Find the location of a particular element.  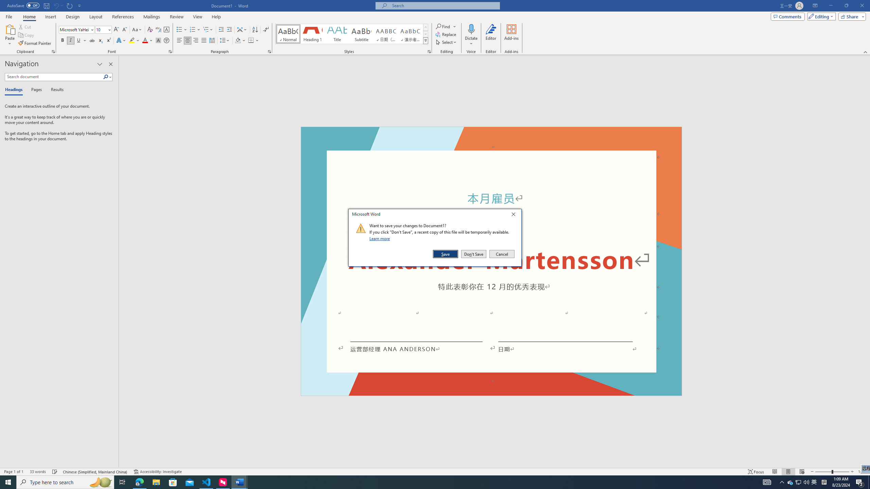

'Sort...' is located at coordinates (255, 30).